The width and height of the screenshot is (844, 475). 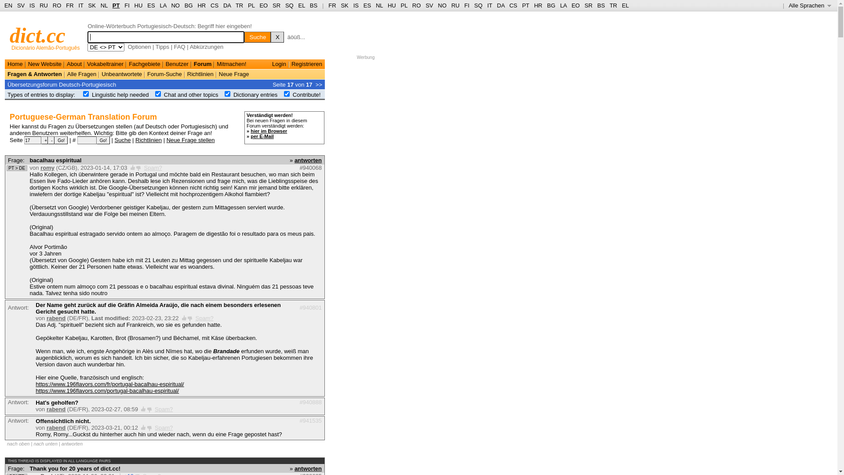 I want to click on 'Forum-Suche', so click(x=147, y=73).